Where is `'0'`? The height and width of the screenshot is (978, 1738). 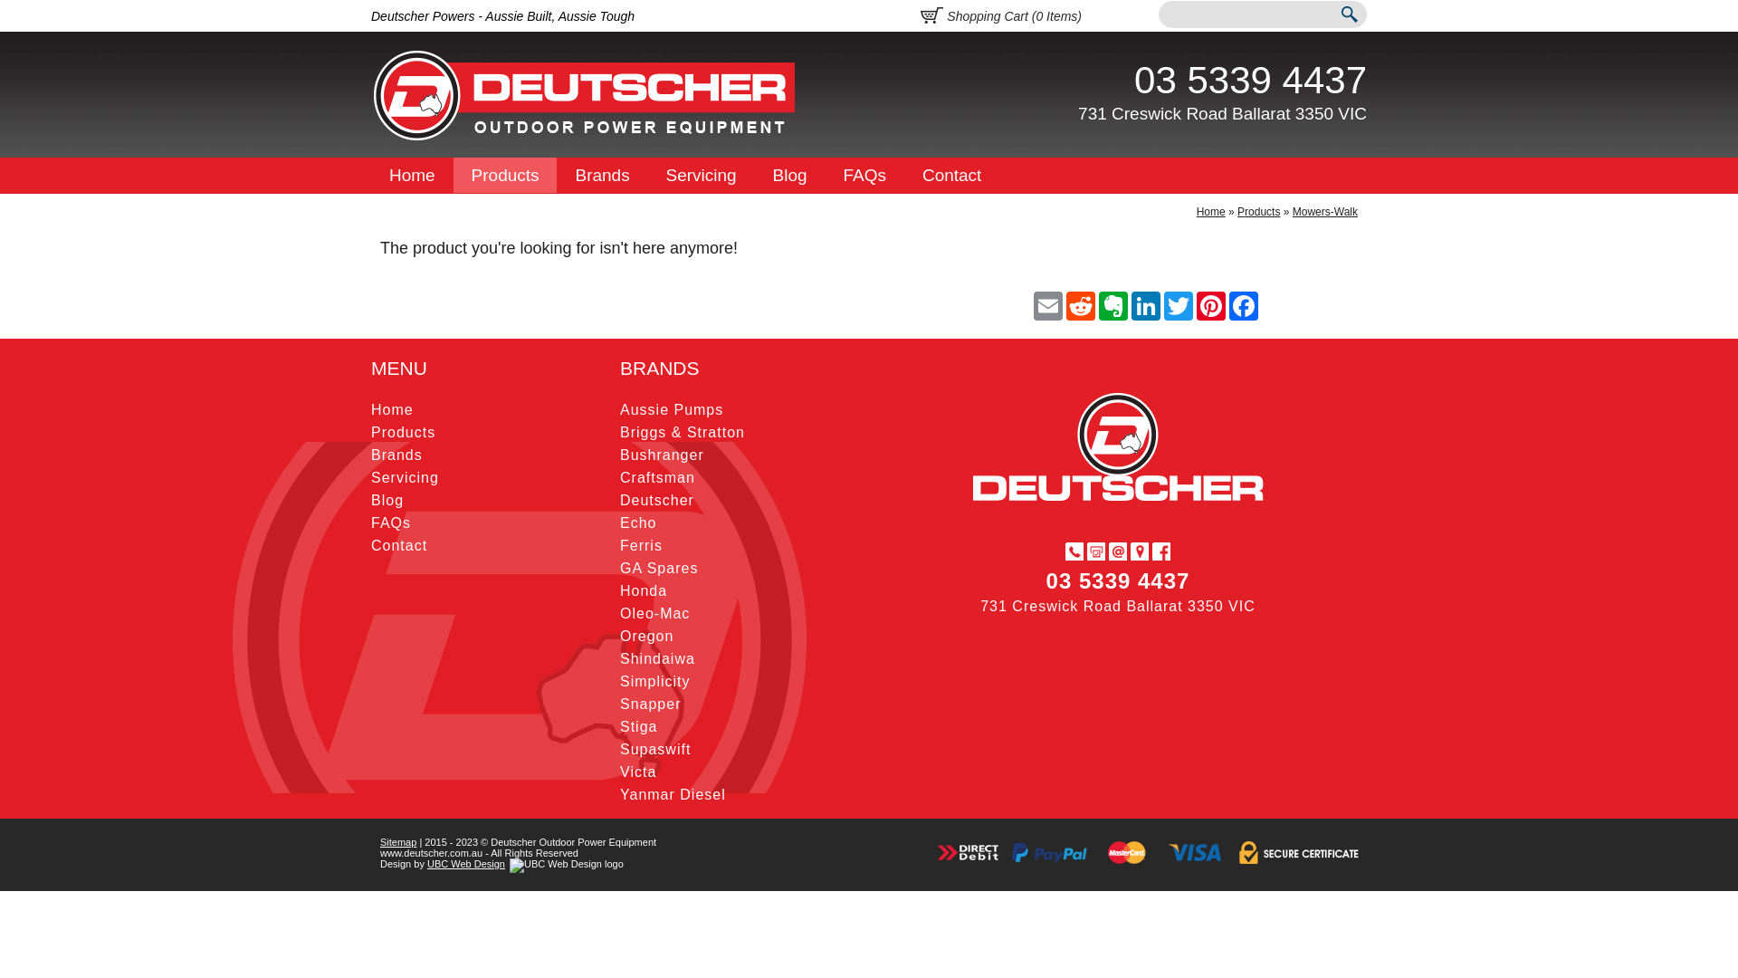 '0' is located at coordinates (1038, 16).